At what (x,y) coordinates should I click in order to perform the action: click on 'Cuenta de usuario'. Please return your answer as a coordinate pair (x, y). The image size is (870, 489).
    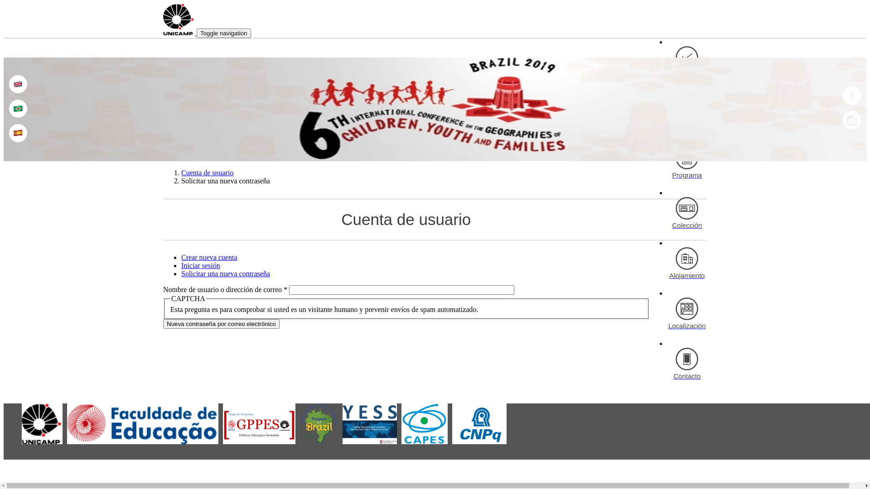
    Looking at the image, I should click on (207, 173).